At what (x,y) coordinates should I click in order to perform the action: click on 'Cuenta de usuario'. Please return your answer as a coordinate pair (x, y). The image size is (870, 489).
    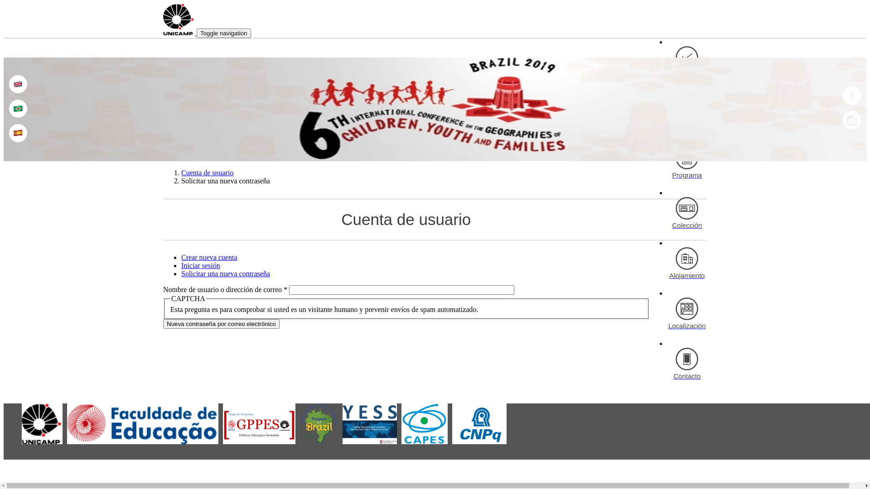
    Looking at the image, I should click on (207, 173).